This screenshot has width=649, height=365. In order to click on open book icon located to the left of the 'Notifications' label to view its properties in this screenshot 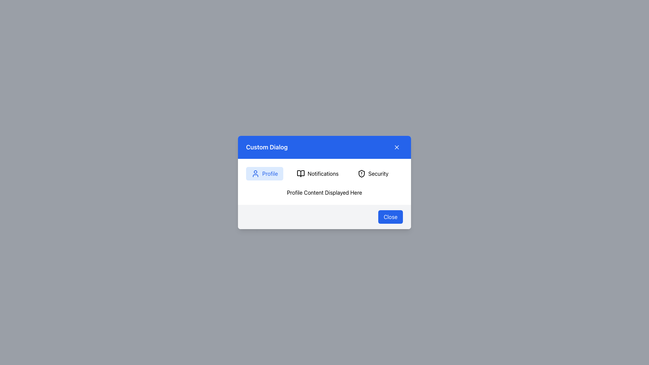, I will do `click(301, 173)`.